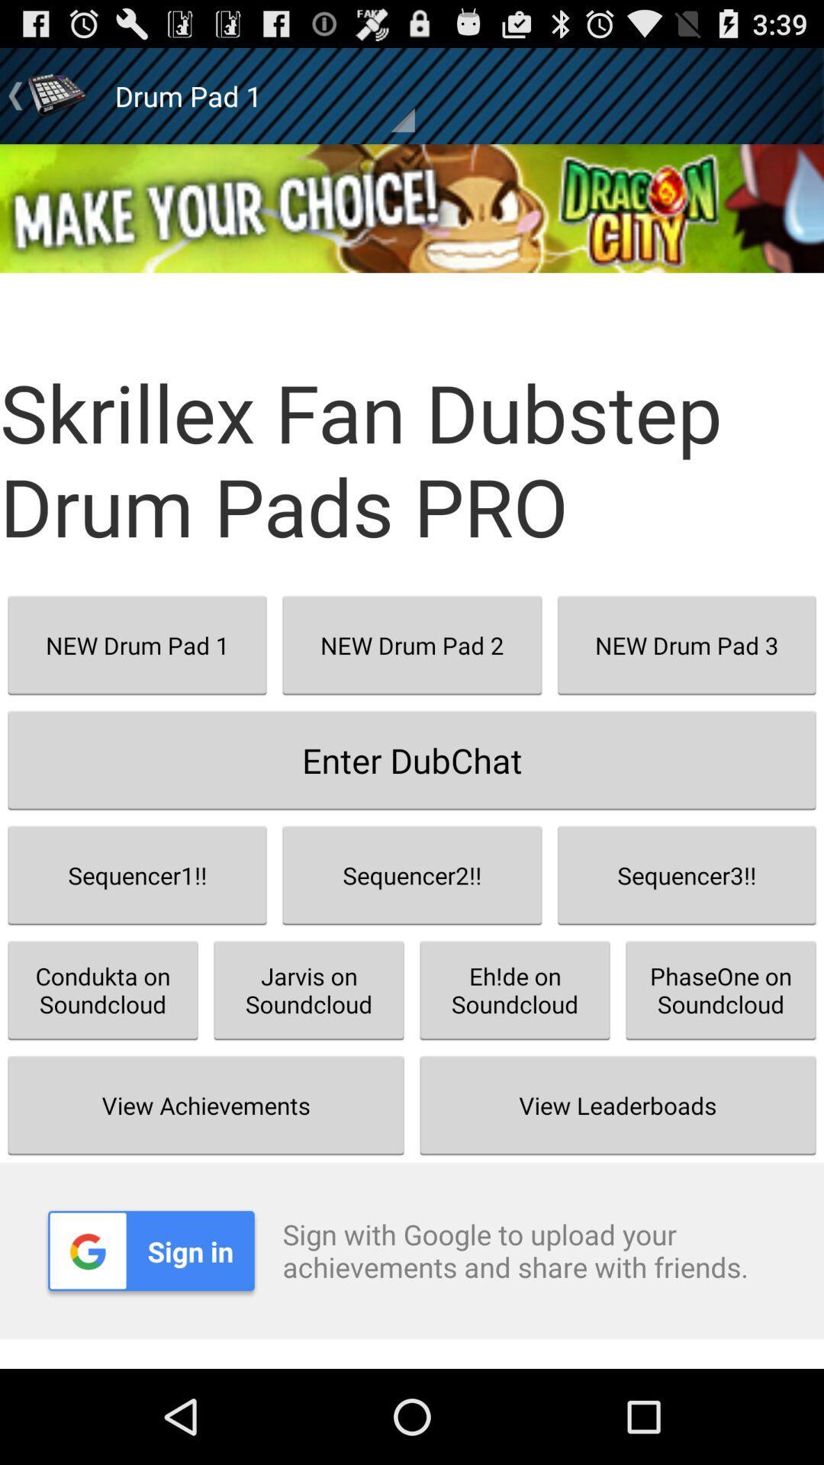  I want to click on jarvis on soundcloud, so click(309, 990).